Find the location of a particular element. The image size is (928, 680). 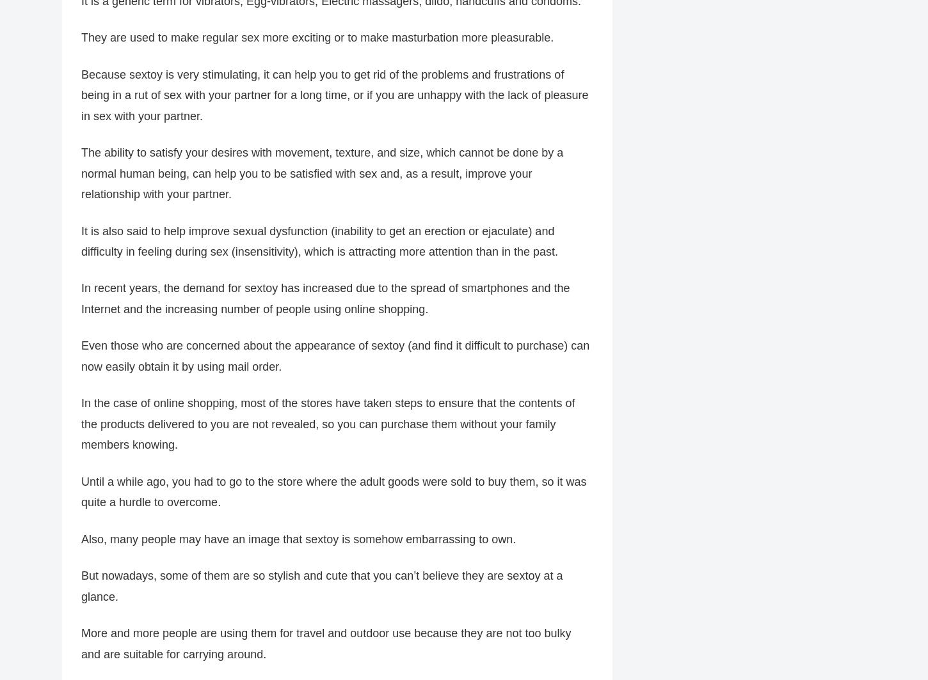

'The ability to satisfy your desires with movement, texture, and size, which cannot be done by a normal human being, can help you to be satisfied with sex and, as a result, improve your relationship with your partner.' is located at coordinates (322, 173).